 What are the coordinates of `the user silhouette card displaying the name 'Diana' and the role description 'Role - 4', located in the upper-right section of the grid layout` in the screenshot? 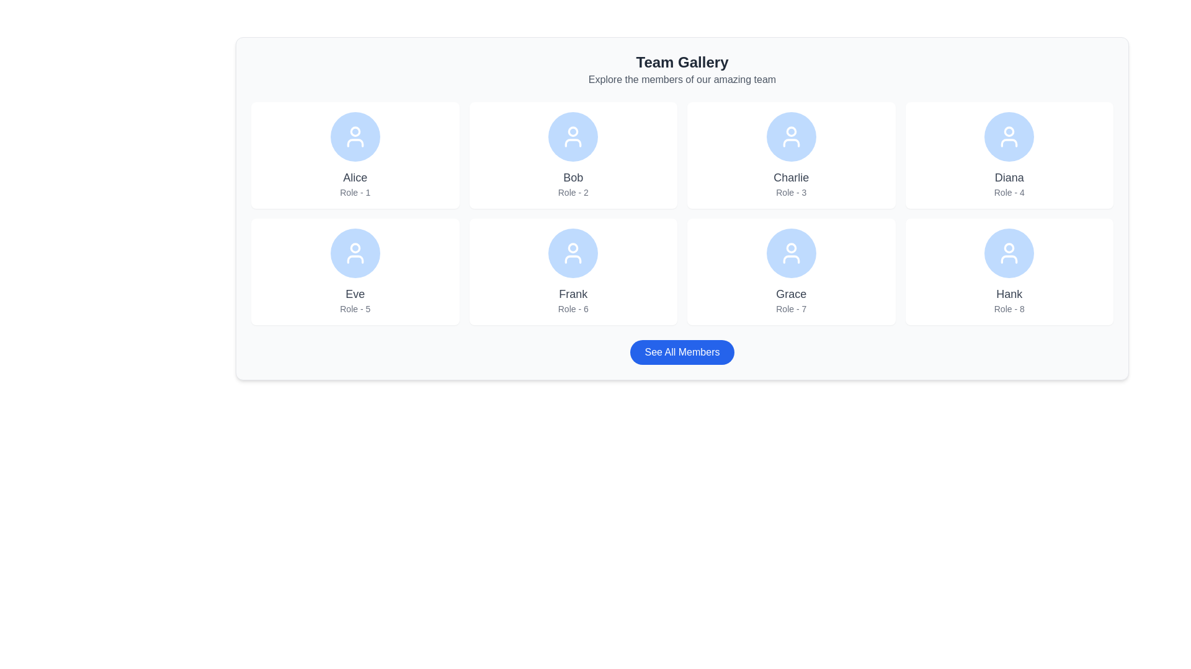 It's located at (1009, 154).